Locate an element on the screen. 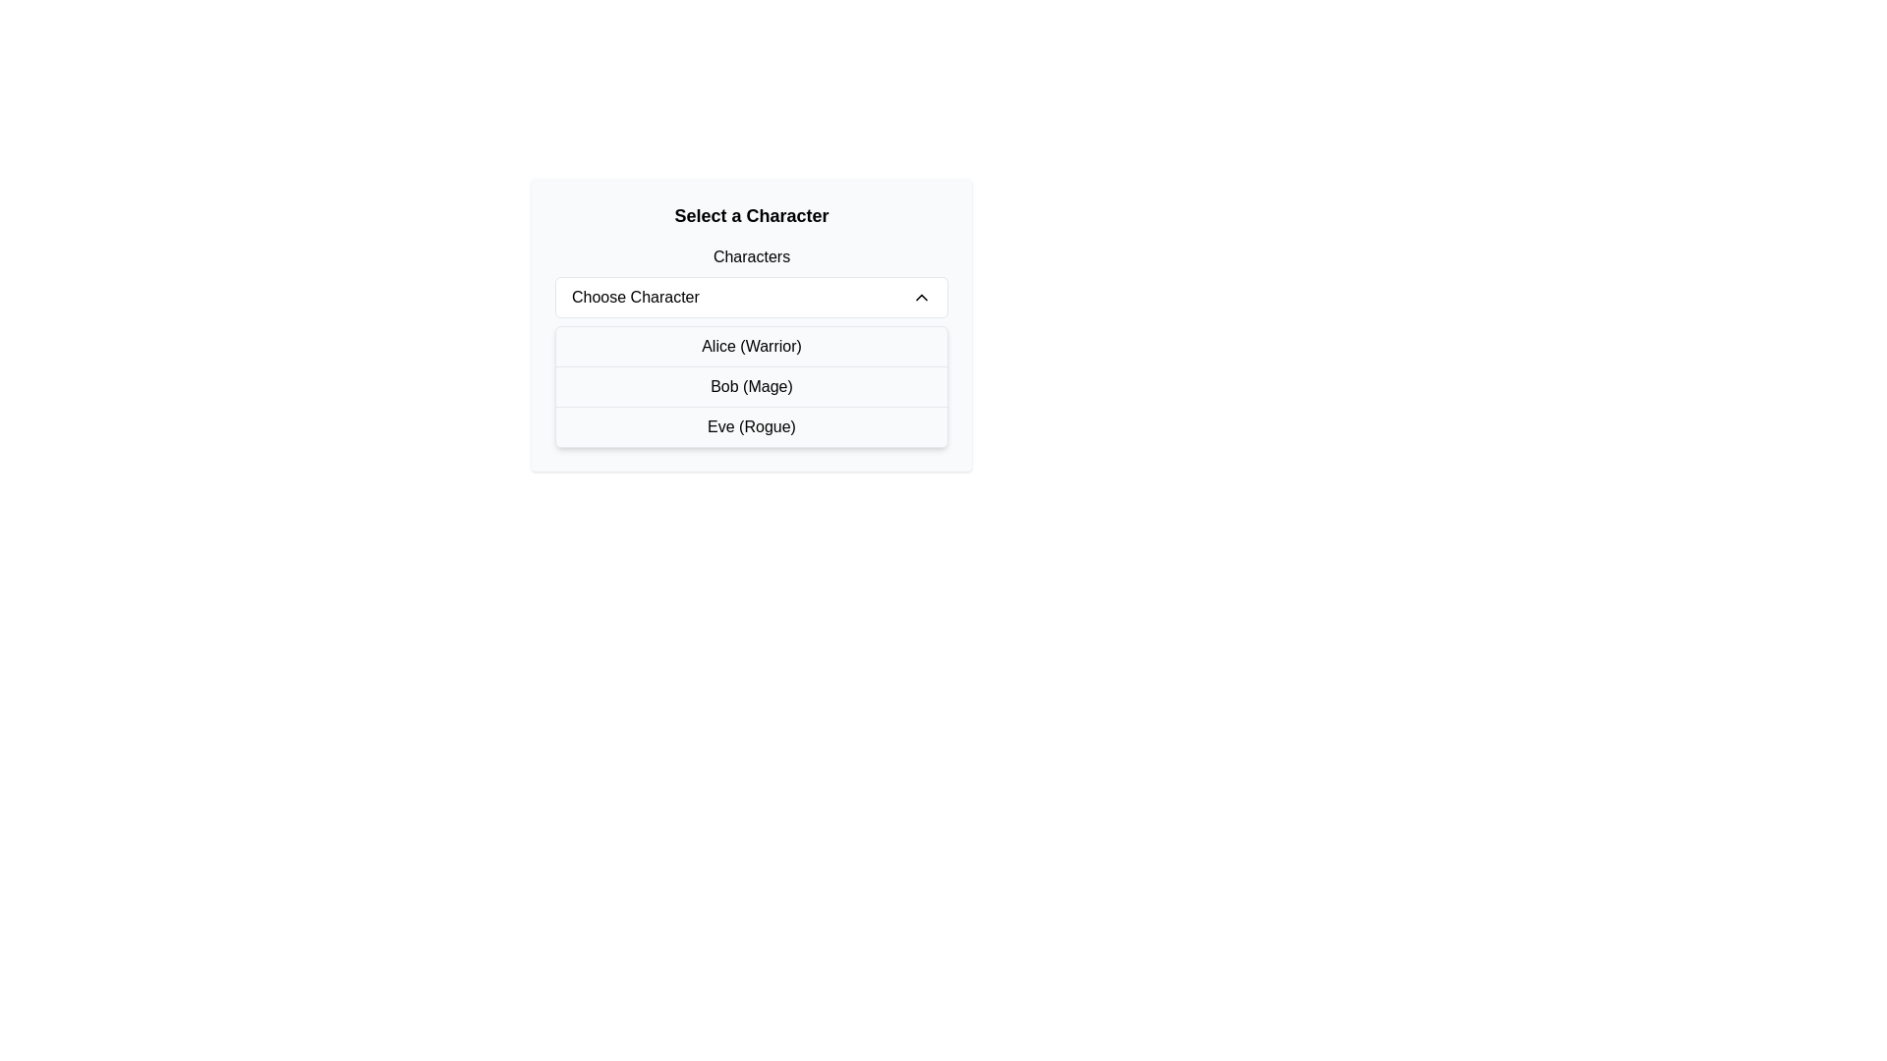 This screenshot has height=1061, width=1887. the Dropdown menu is located at coordinates (750, 324).